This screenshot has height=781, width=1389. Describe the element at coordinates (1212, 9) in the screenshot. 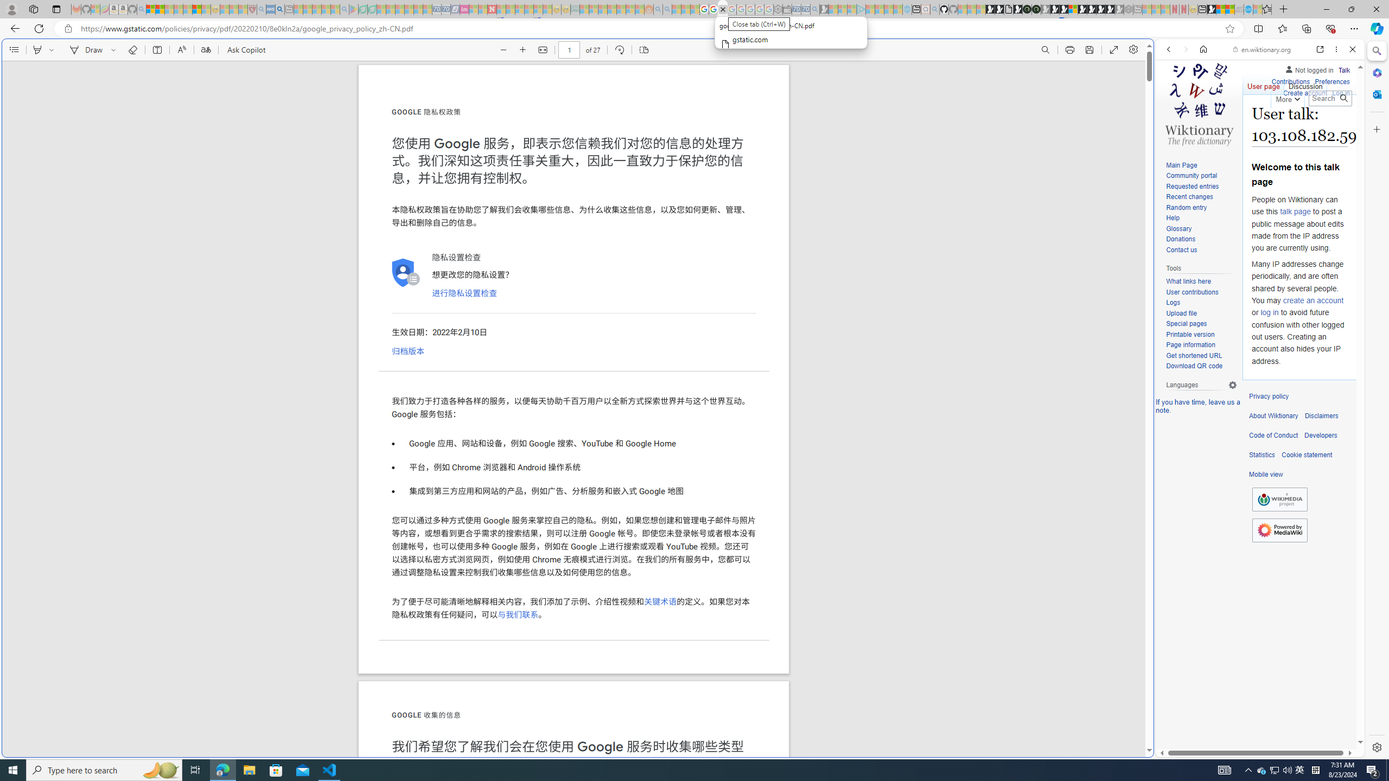

I see `'MSN'` at that location.